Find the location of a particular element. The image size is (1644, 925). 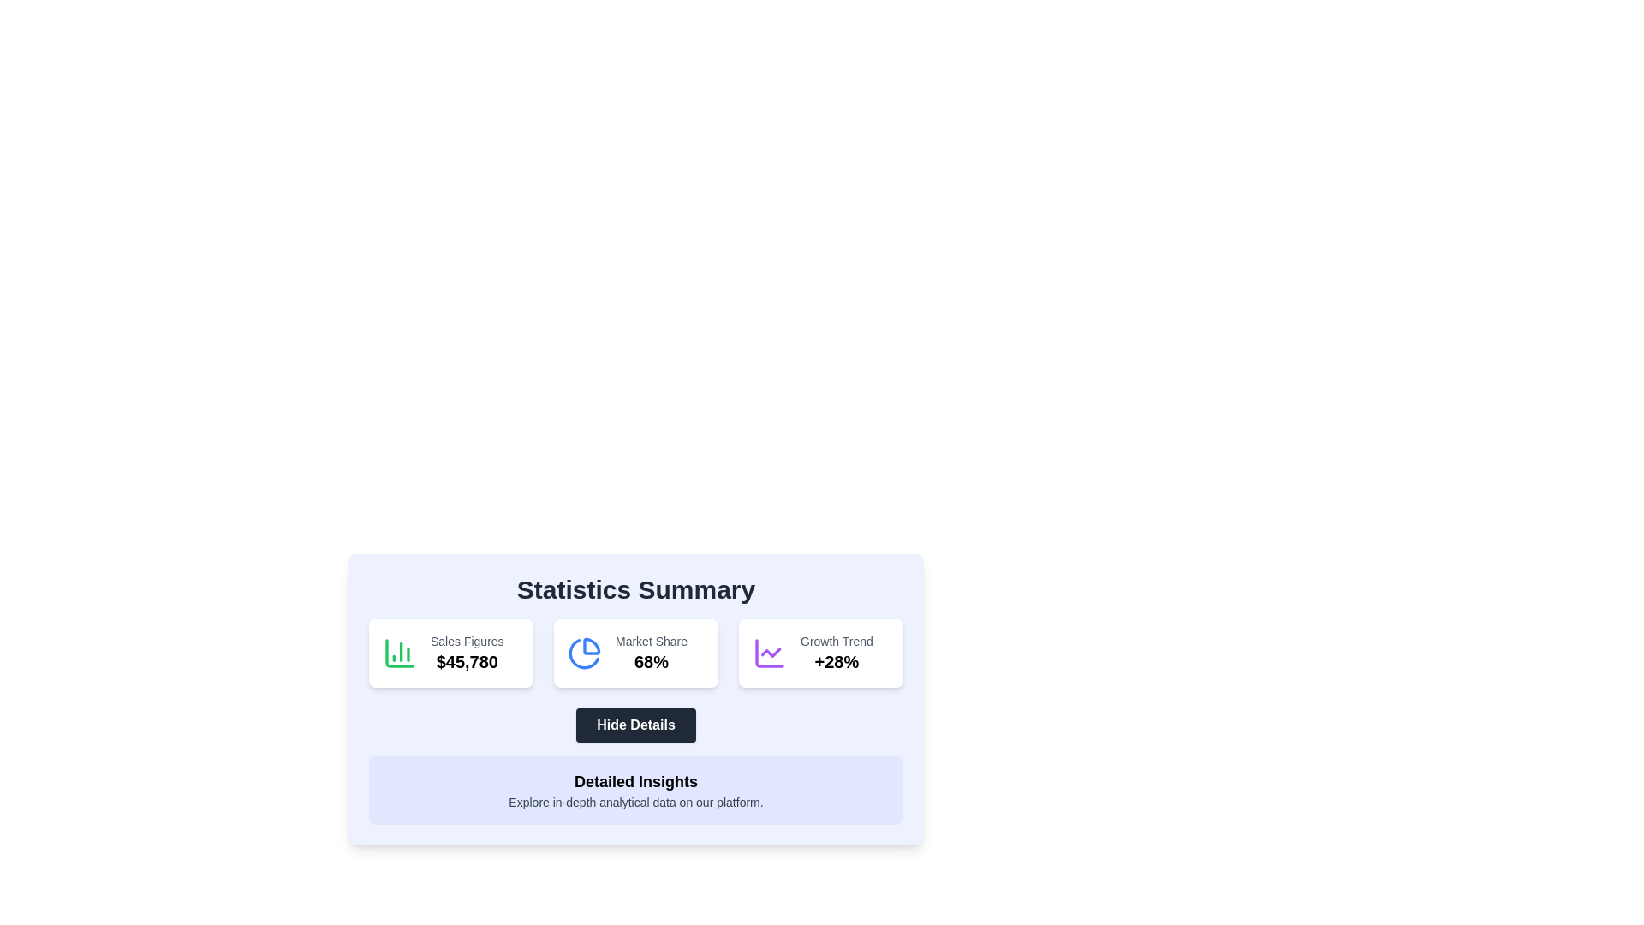

the Text Display element that shows the bold percentage '+28%' and the subtitle 'Growth Trend' within the statistics summary section is located at coordinates (837, 653).